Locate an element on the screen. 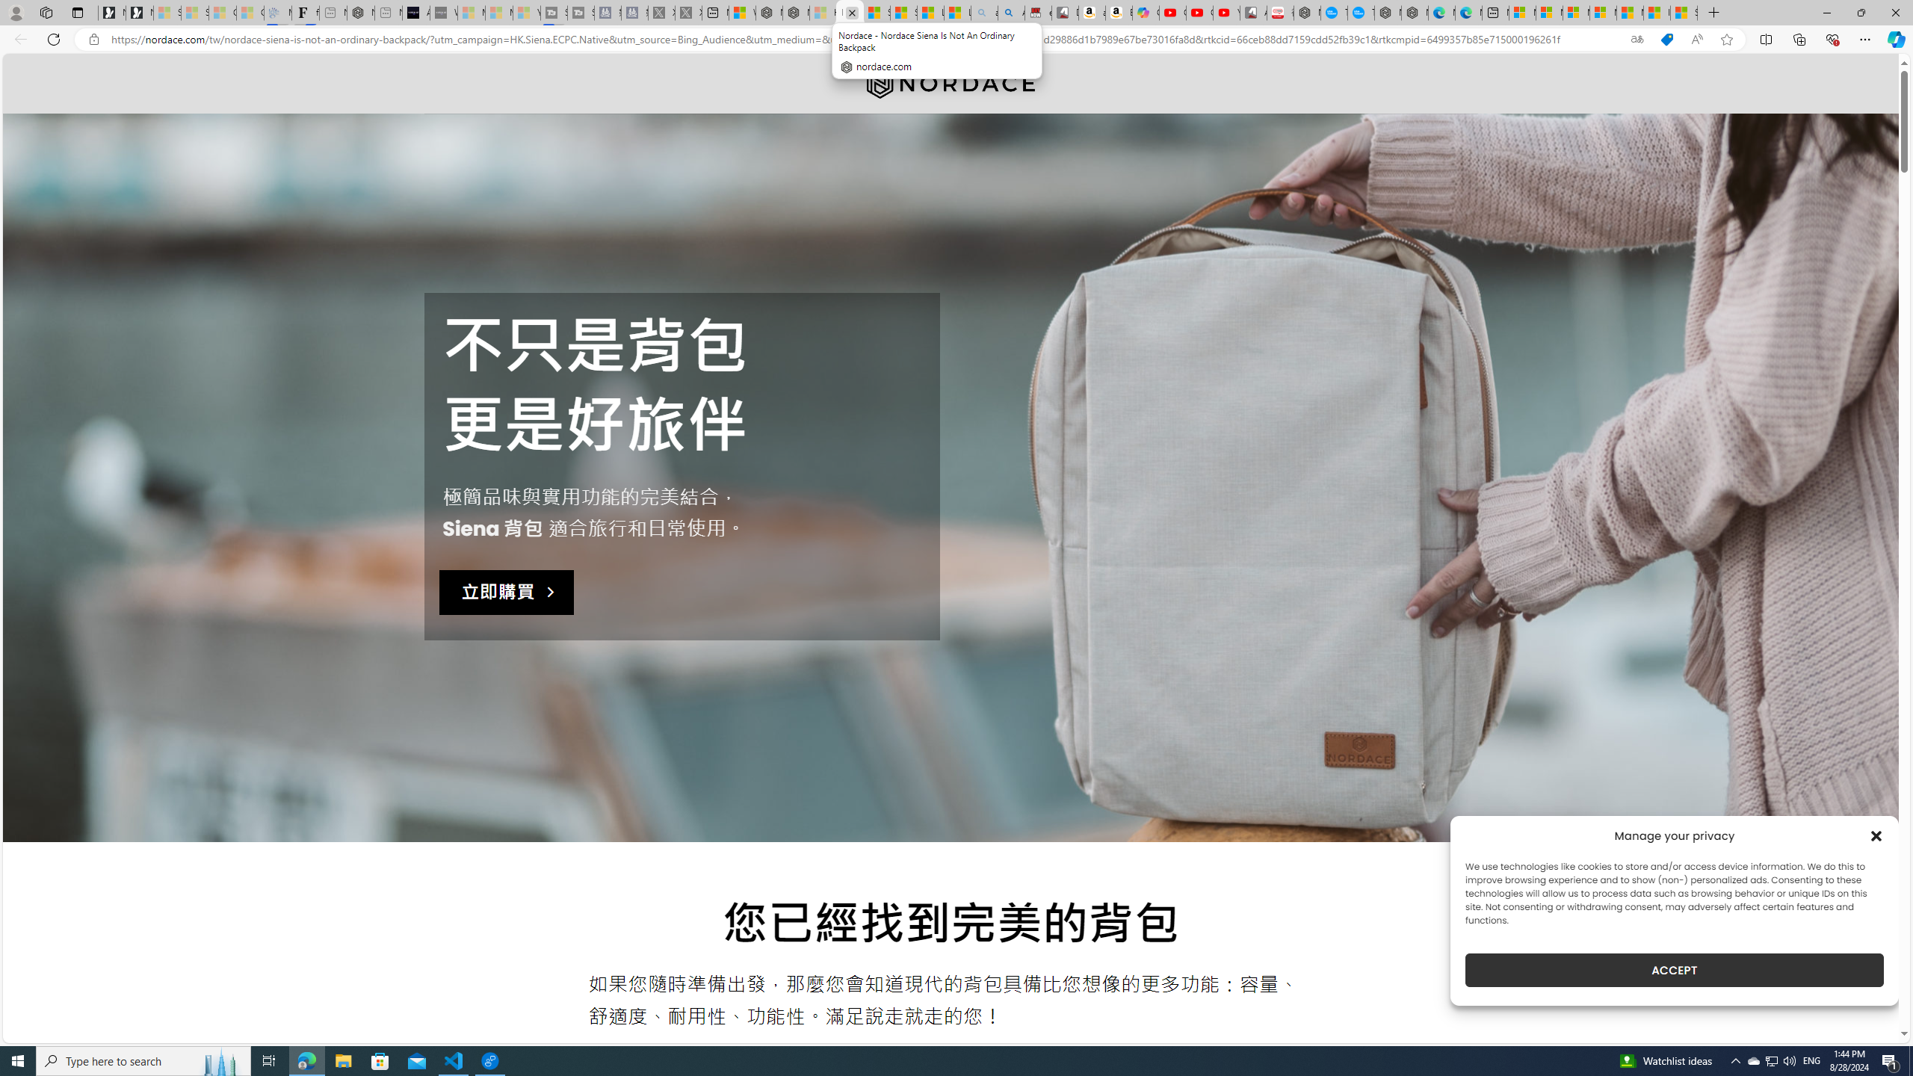 Image resolution: width=1913 pixels, height=1076 pixels. 'Show translate options' is located at coordinates (1637, 40).